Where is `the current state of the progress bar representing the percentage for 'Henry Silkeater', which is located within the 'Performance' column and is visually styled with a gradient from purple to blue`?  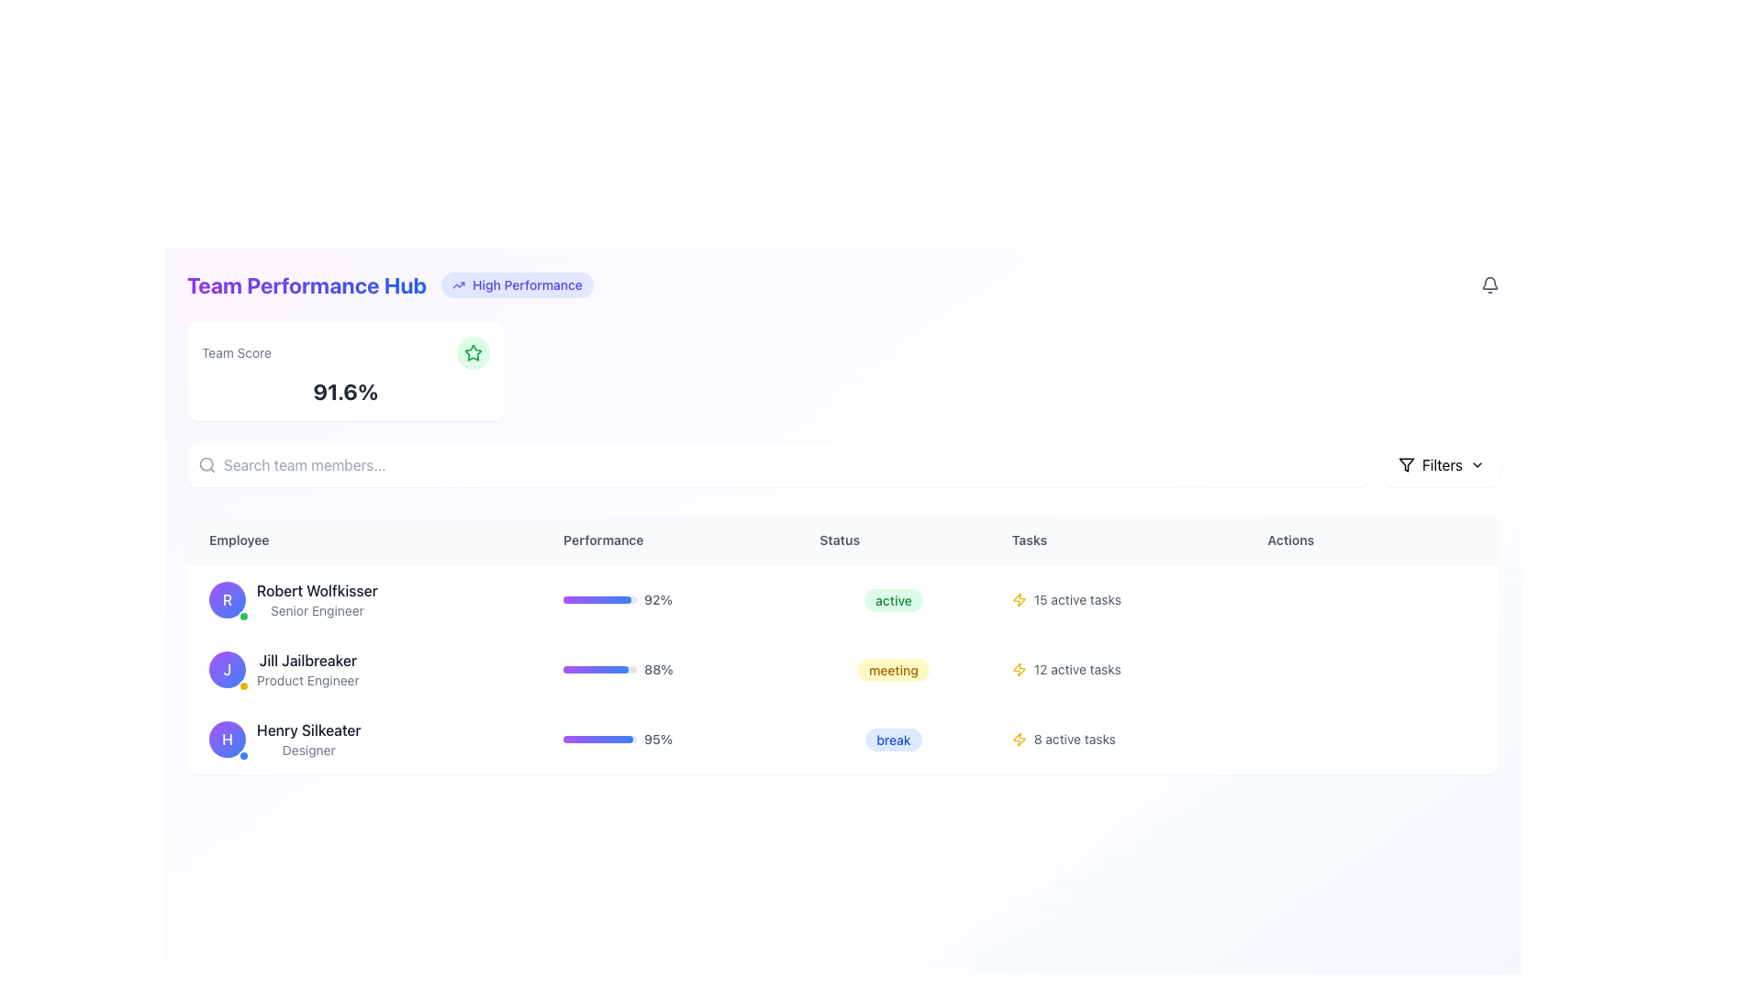 the current state of the progress bar representing the percentage for 'Henry Silkeater', which is located within the 'Performance' column and is visually styled with a gradient from purple to blue is located at coordinates (600, 739).